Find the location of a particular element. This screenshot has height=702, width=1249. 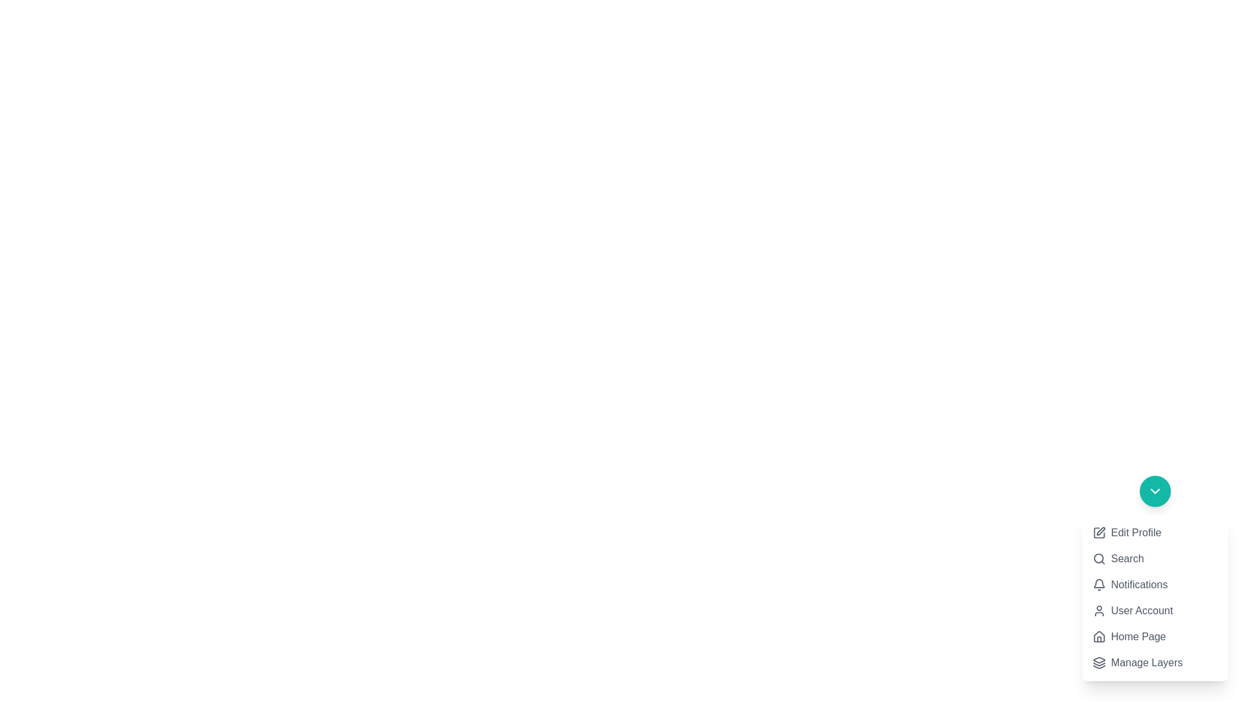

the bell icon representing the notifications section is located at coordinates (1098, 584).